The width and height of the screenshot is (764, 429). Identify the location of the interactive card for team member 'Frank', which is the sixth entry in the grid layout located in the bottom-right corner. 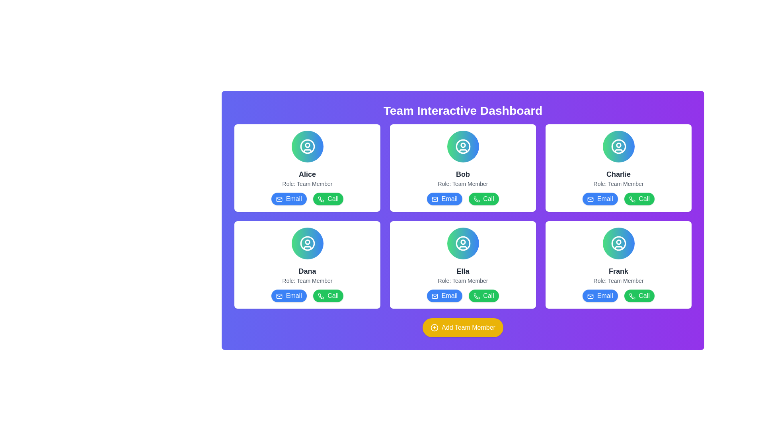
(618, 265).